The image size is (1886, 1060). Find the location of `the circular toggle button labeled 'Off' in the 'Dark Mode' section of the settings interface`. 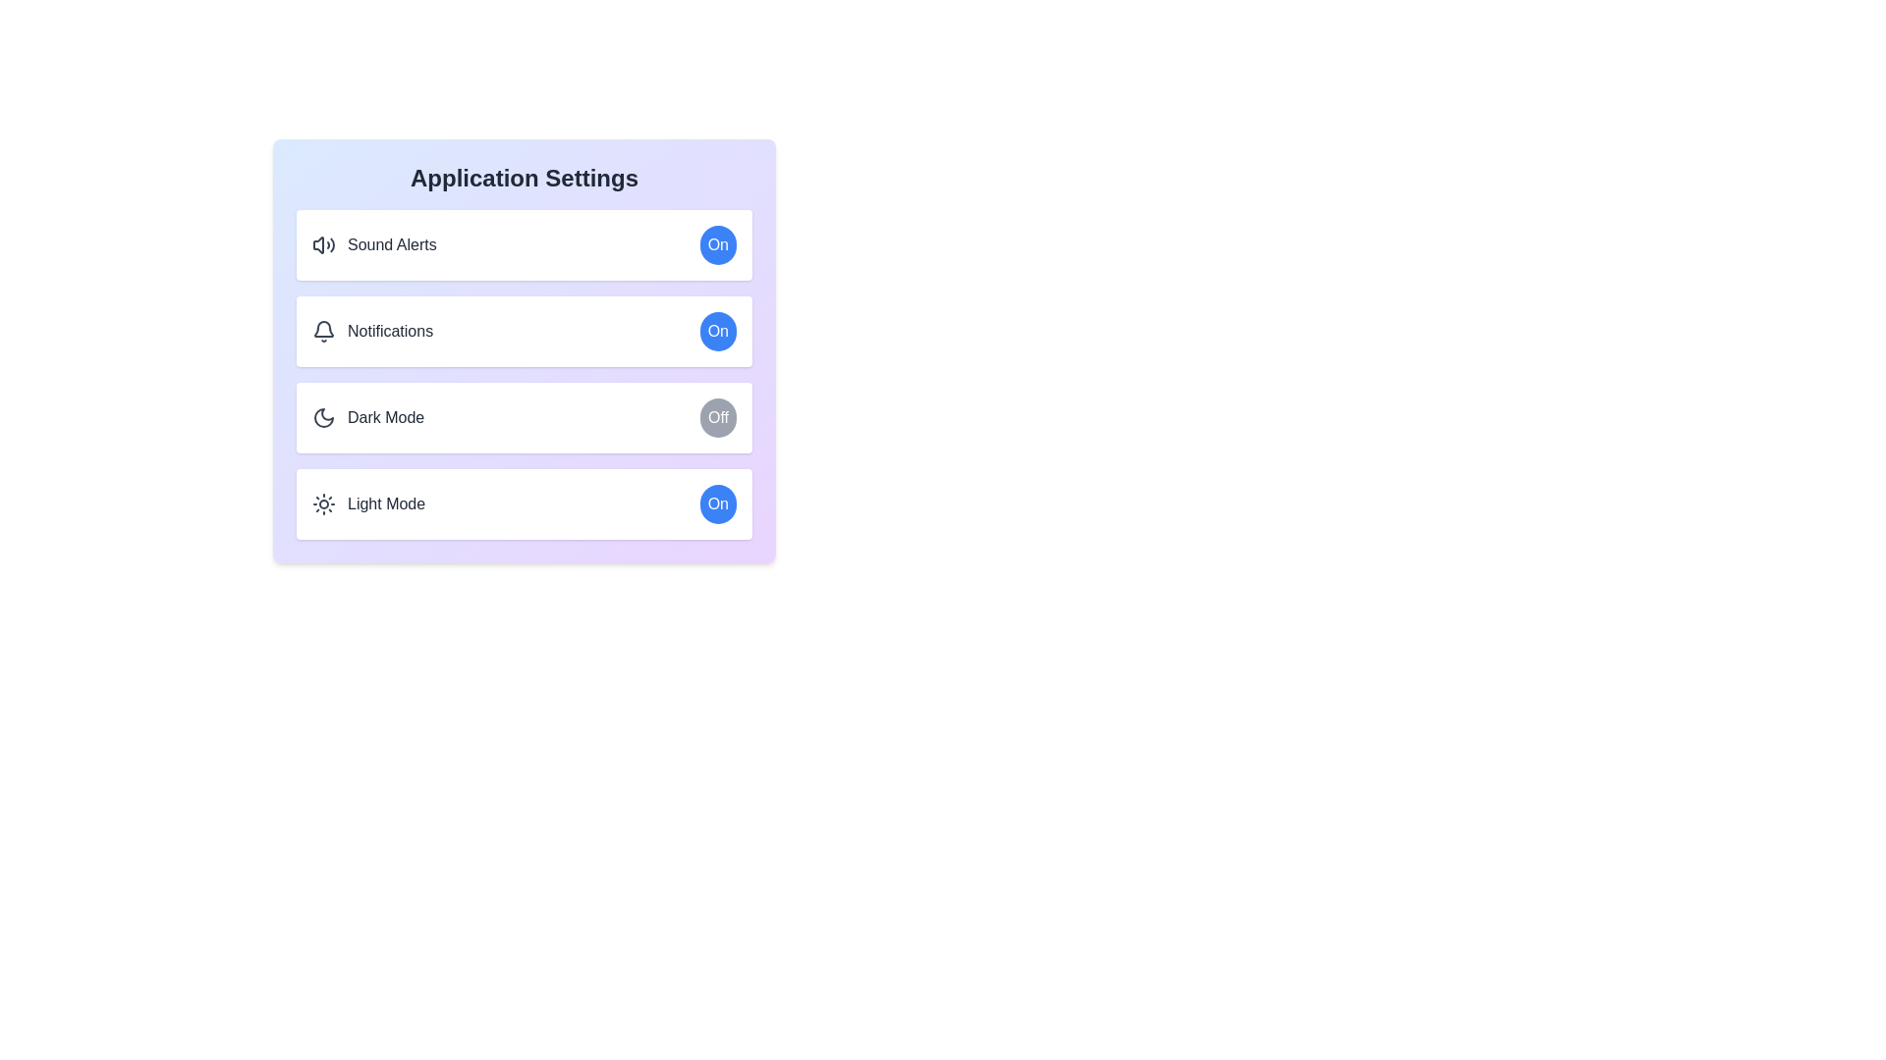

the circular toggle button labeled 'Off' in the 'Dark Mode' section of the settings interface is located at coordinates (717, 416).